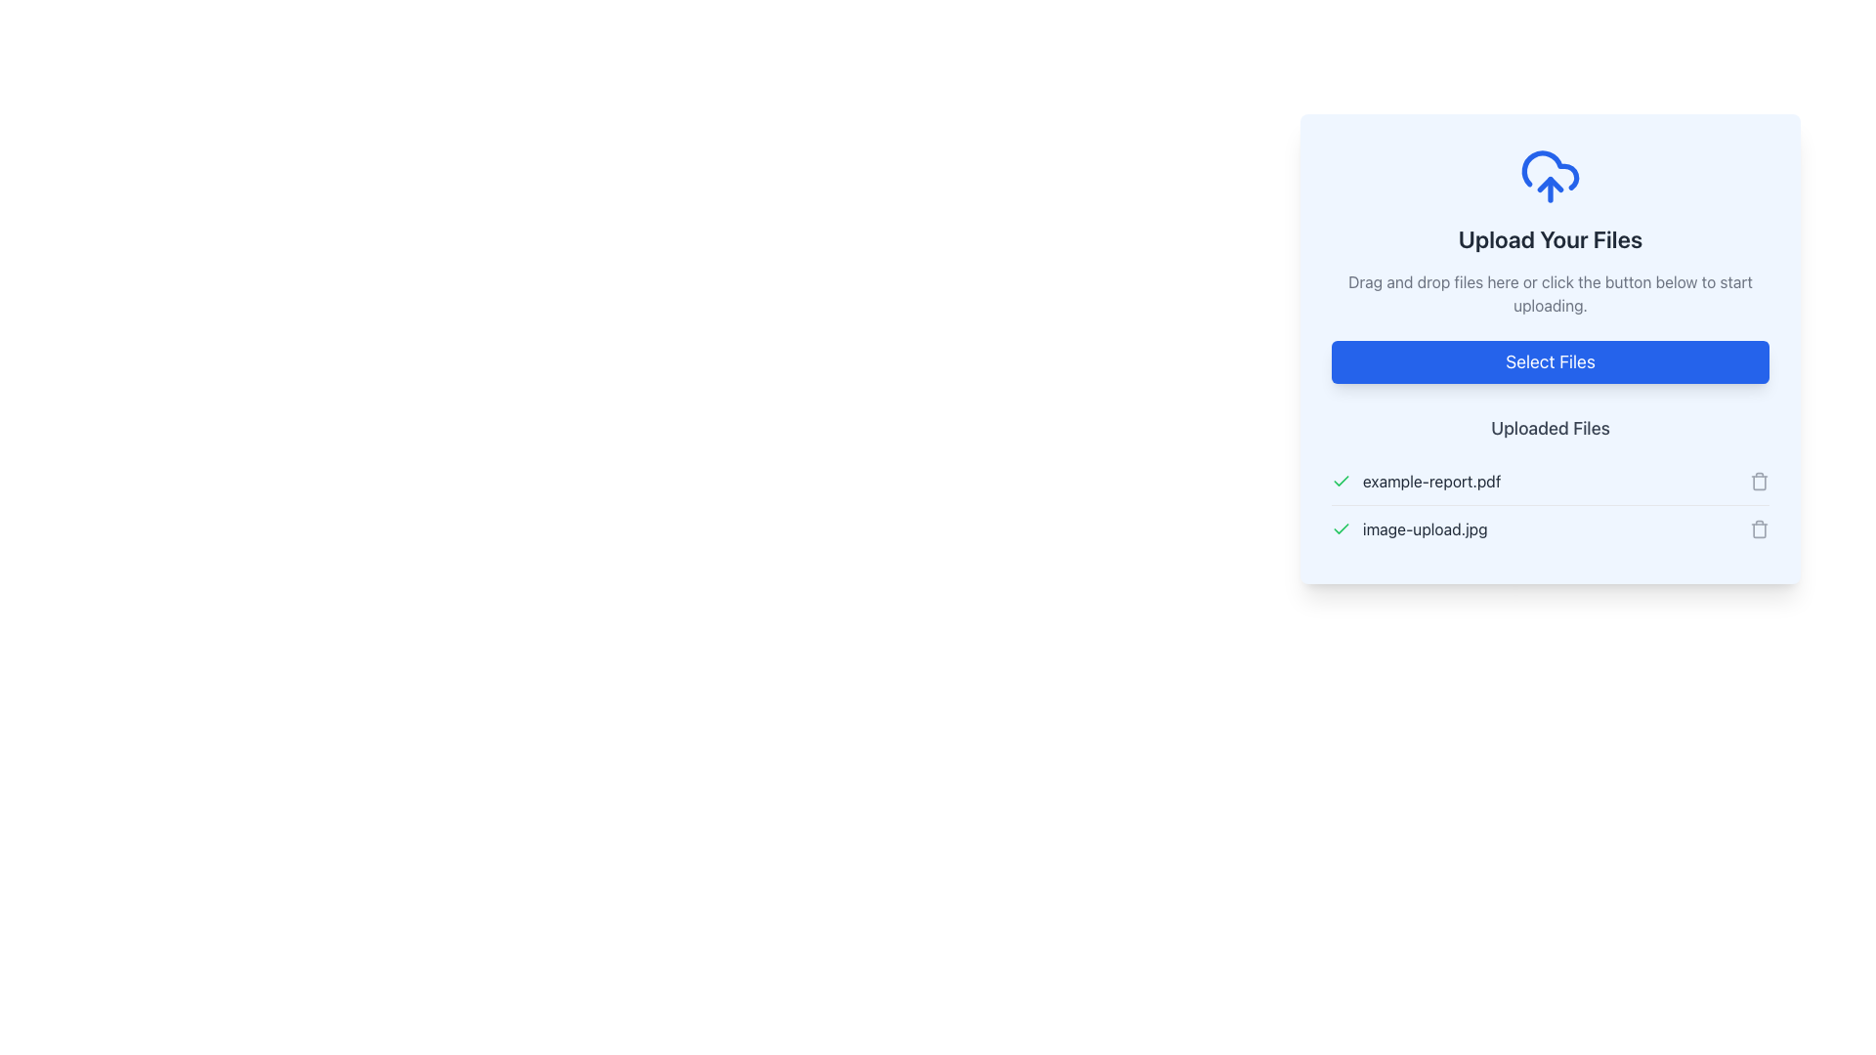 The width and height of the screenshot is (1876, 1055). What do you see at coordinates (1550, 177) in the screenshot?
I see `the blue cloud icon with an upward-pointing arrow, which signifies file upload functionality, located above the 'Upload Your Files' header` at bounding box center [1550, 177].